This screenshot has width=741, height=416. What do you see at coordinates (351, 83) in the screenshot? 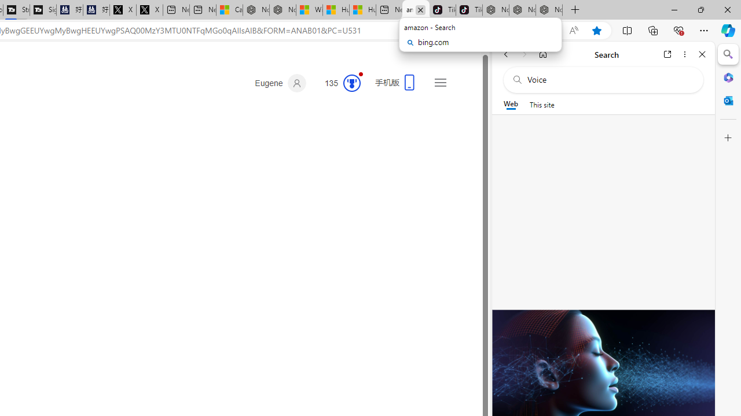
I see `'Class: outer-circle-animation'` at bounding box center [351, 83].